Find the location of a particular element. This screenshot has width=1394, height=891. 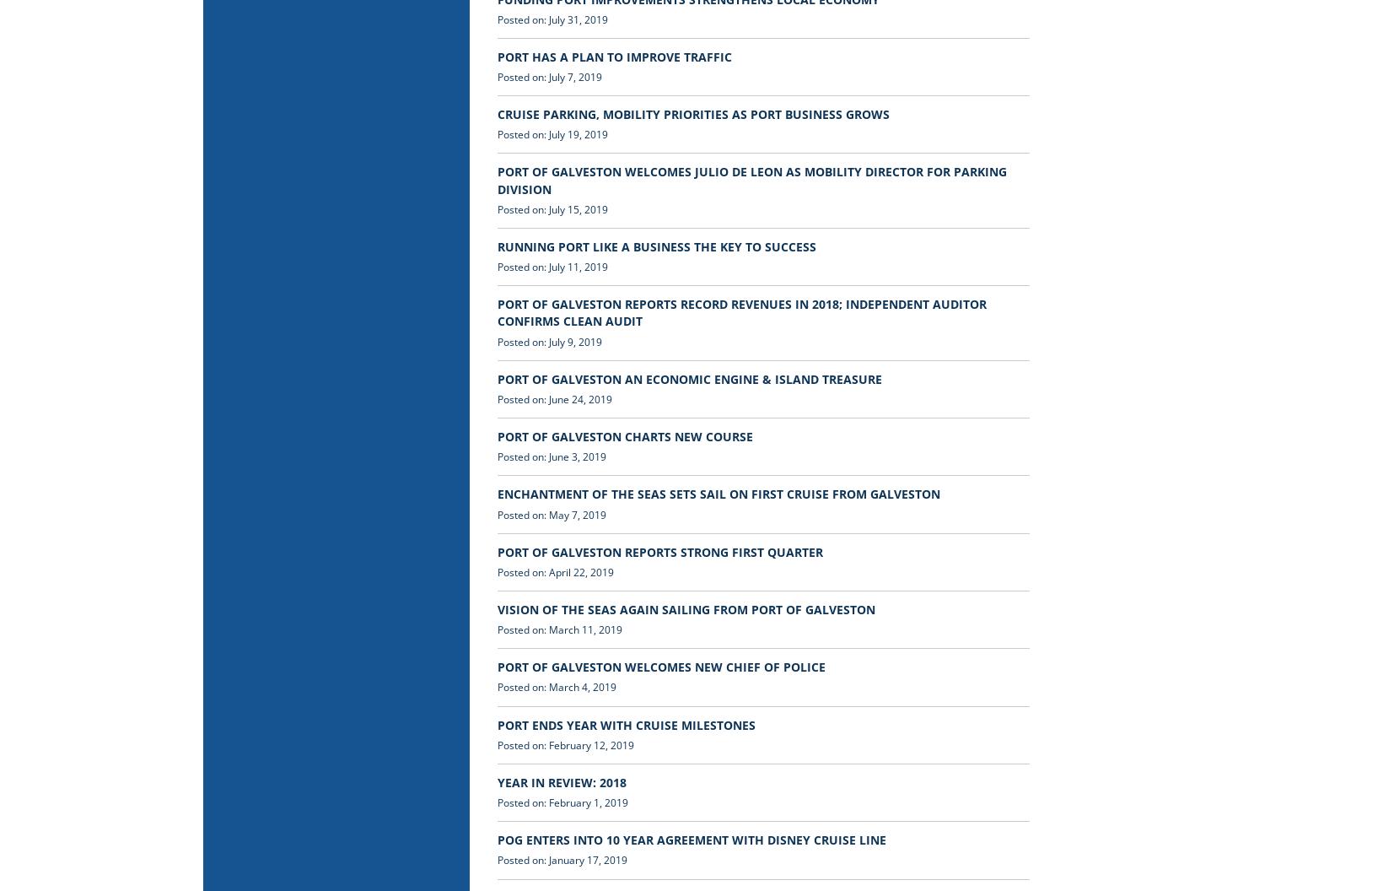

'Posted on: July 15, 2019' is located at coordinates (552, 208).